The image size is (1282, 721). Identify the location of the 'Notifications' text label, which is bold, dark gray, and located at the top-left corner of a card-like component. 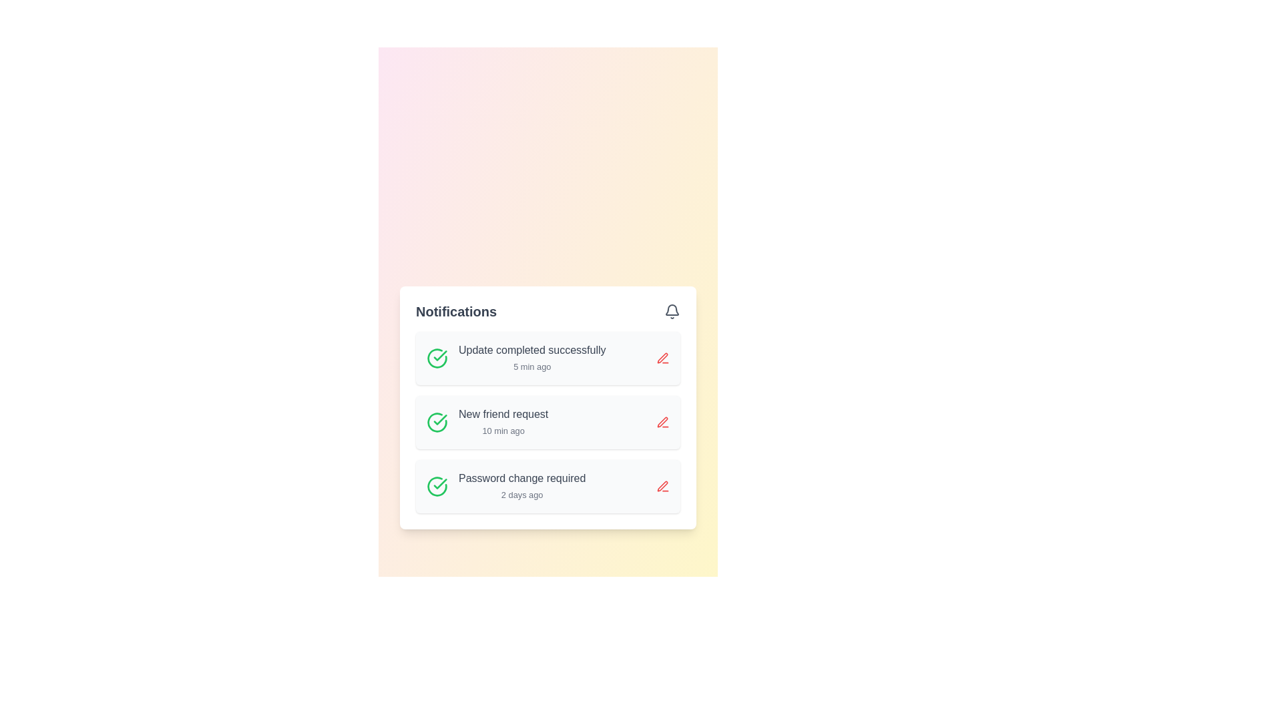
(456, 311).